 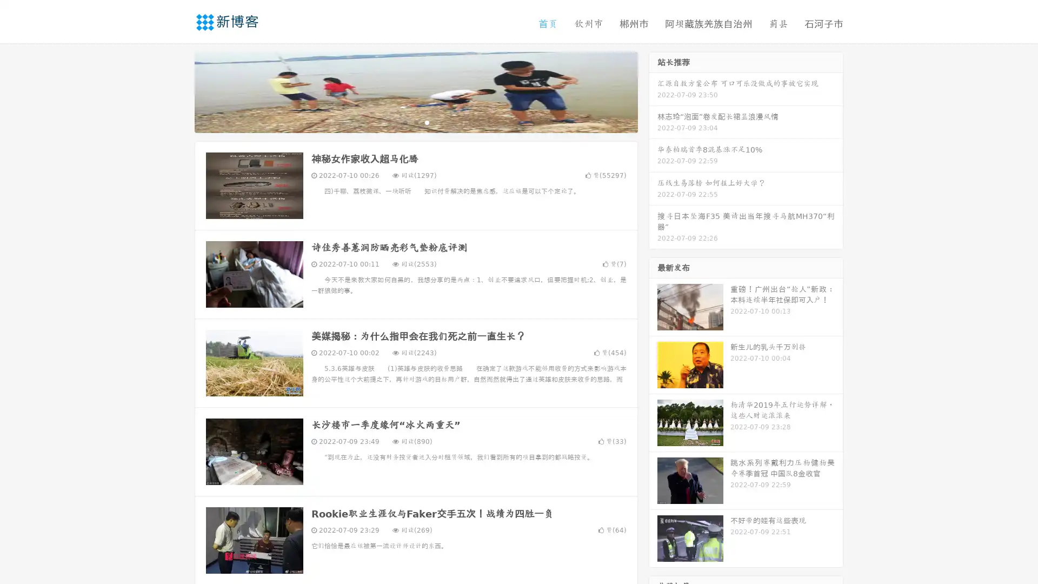 I want to click on Go to slide 1, so click(x=404, y=122).